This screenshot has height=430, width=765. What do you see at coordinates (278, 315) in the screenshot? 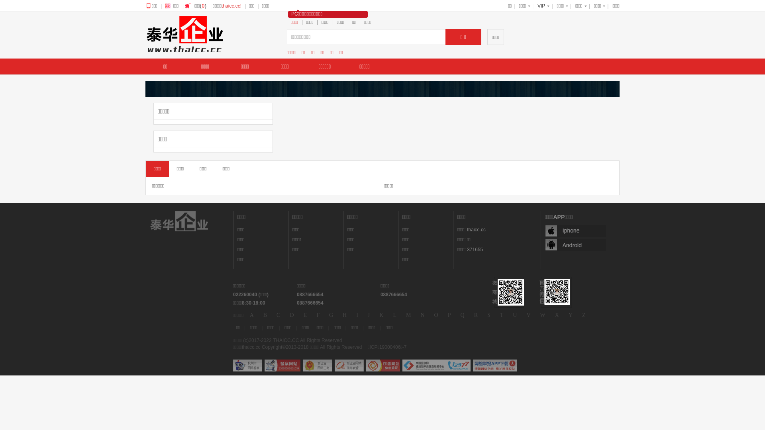
I see `'C'` at bounding box center [278, 315].